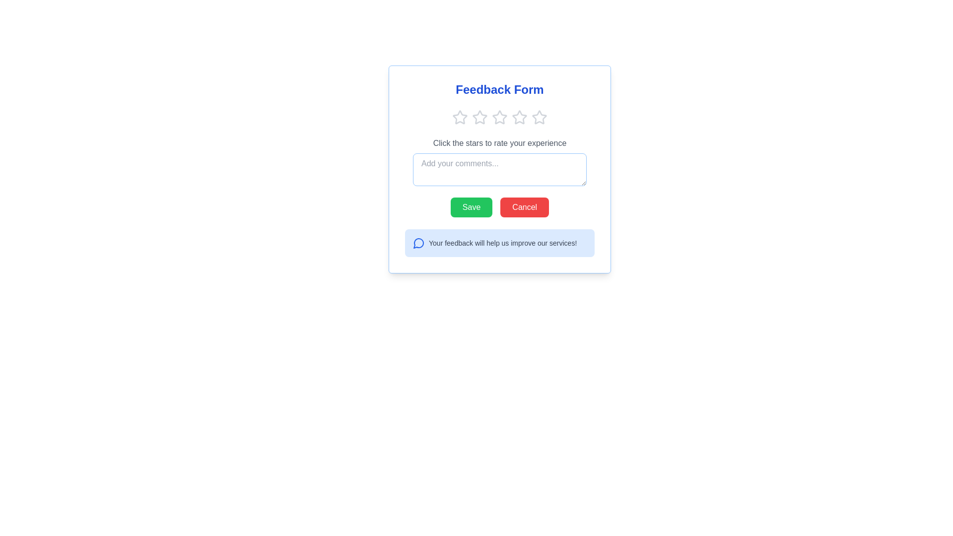 The height and width of the screenshot is (536, 953). What do you see at coordinates (500, 117) in the screenshot?
I see `the third star icon in the rating system` at bounding box center [500, 117].